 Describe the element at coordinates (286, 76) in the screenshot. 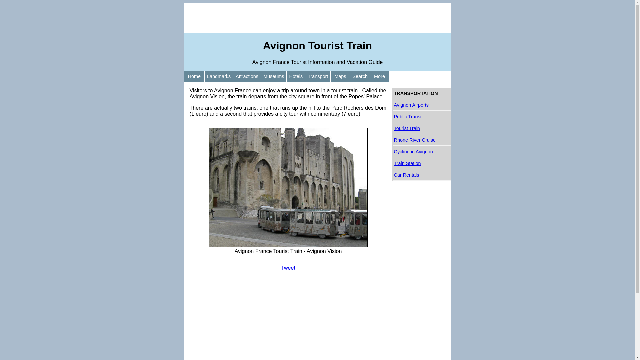

I see `'Hotels'` at that location.